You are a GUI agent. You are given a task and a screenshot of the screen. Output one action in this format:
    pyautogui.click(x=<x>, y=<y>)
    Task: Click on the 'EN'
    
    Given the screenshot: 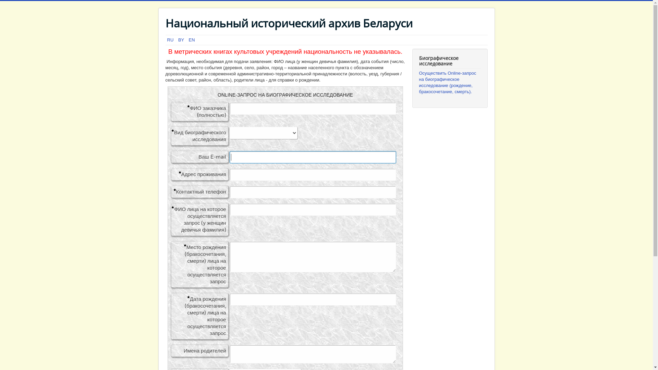 What is the action you would take?
    pyautogui.click(x=192, y=40)
    